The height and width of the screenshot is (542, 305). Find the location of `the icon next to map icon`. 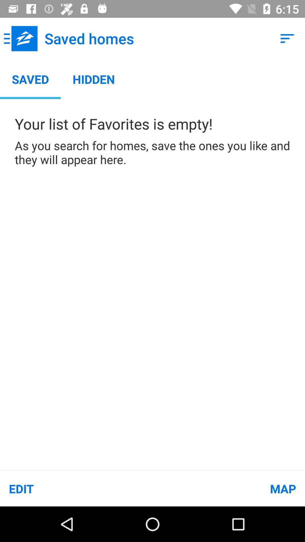

the icon next to map icon is located at coordinates (76, 488).